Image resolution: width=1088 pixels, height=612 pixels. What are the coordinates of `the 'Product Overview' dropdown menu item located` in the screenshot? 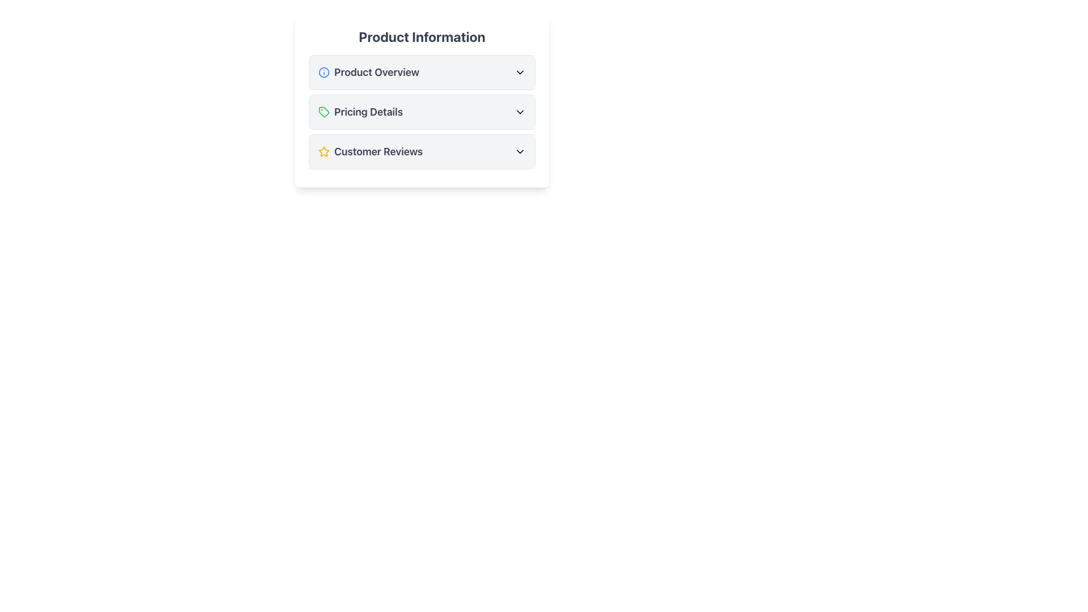 It's located at (421, 72).